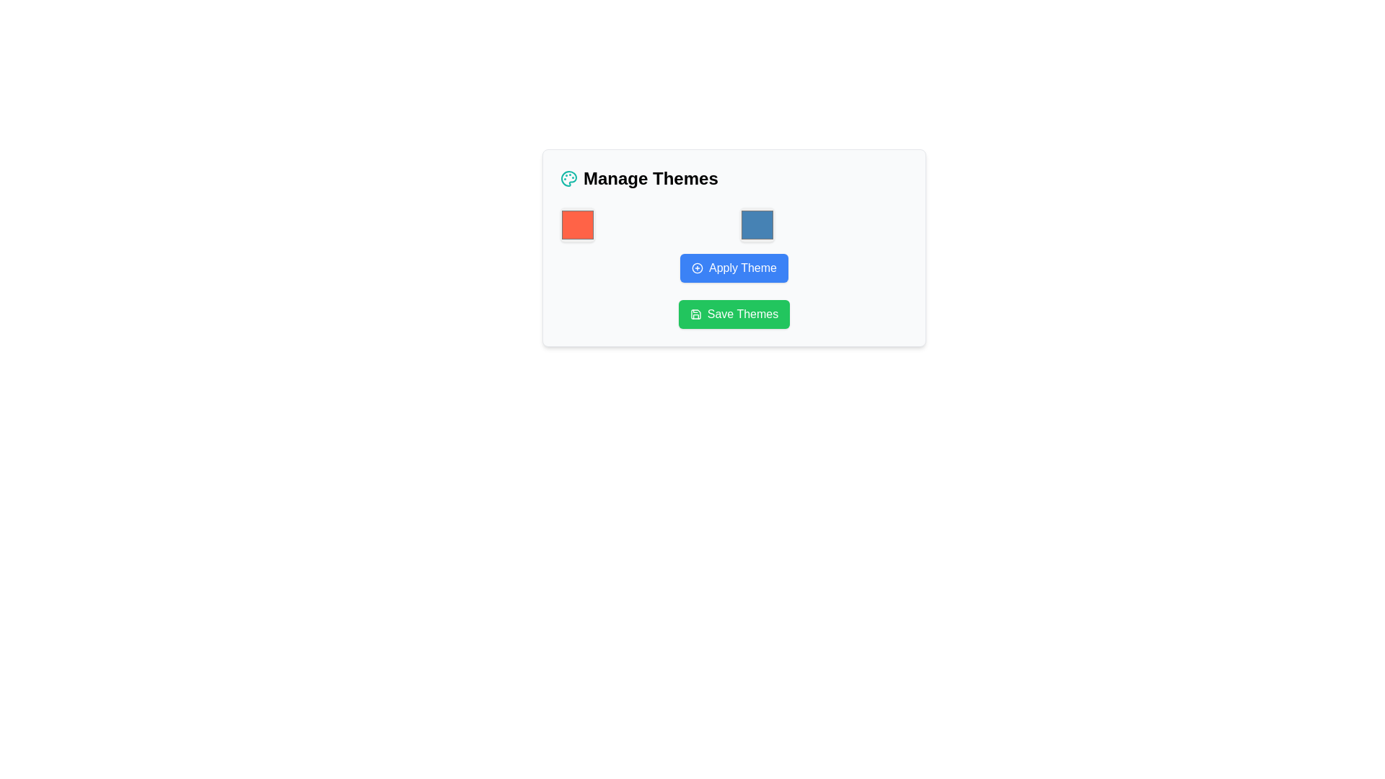 The width and height of the screenshot is (1385, 779). What do you see at coordinates (695, 313) in the screenshot?
I see `the 'Save Themes' button which contains the floppy disk save icon` at bounding box center [695, 313].